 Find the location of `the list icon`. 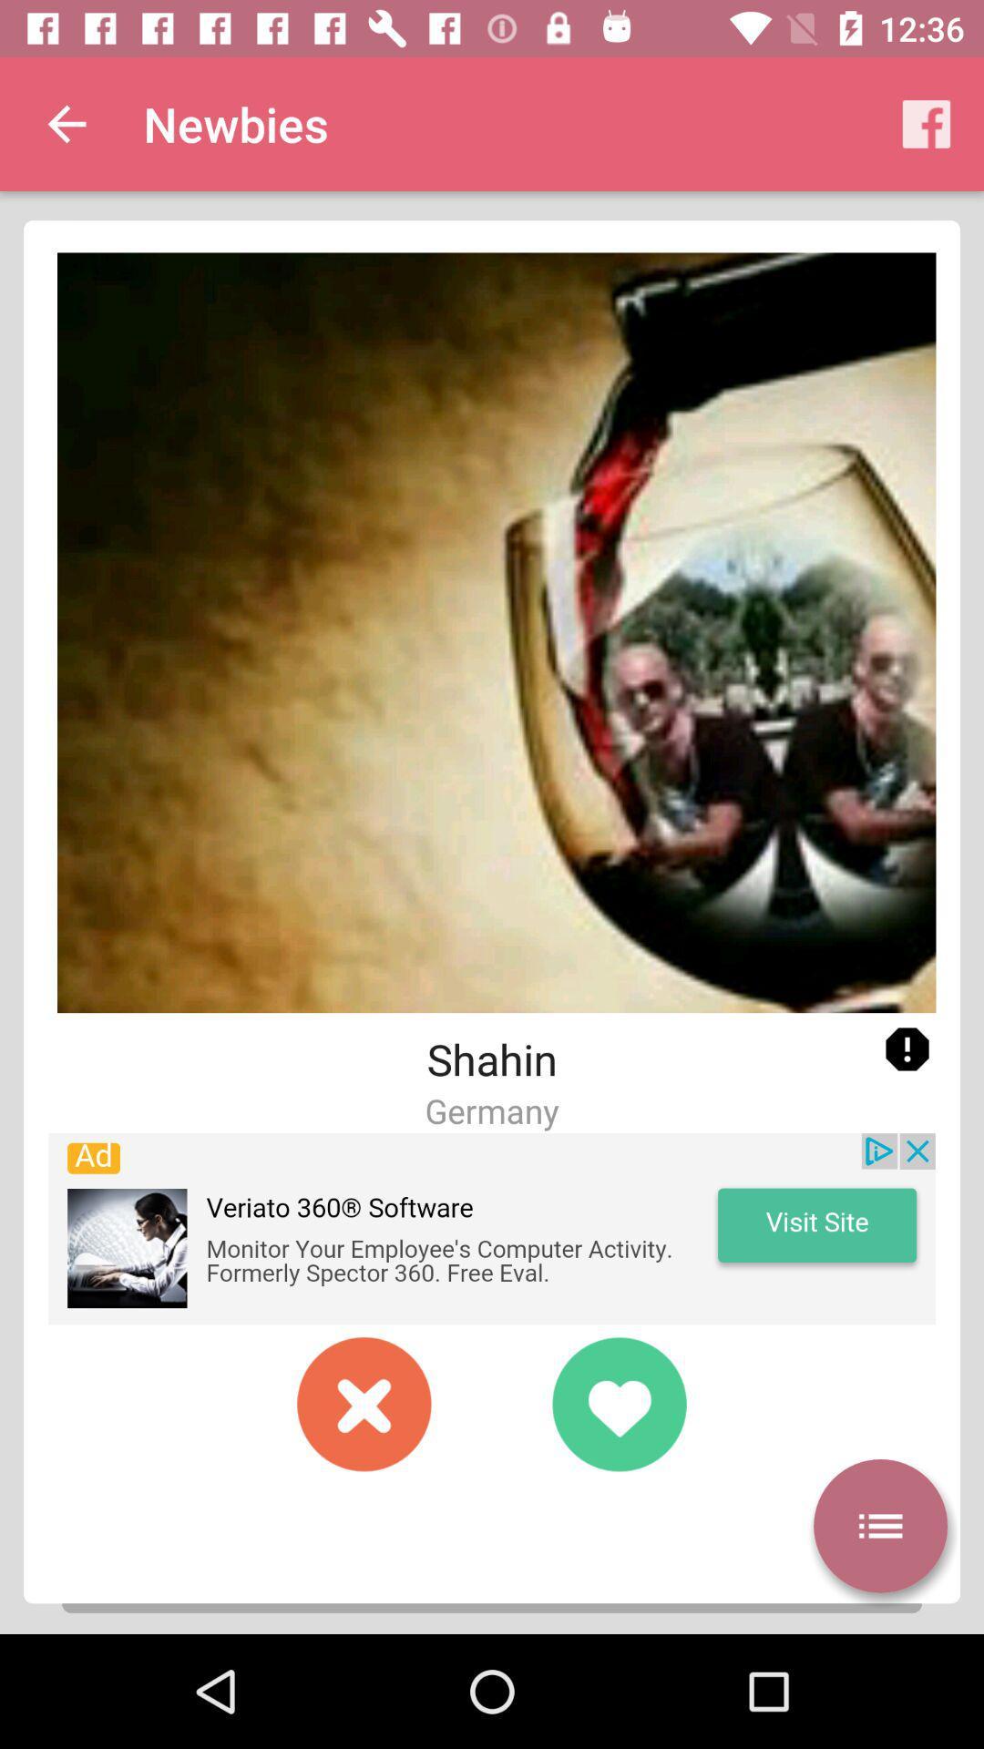

the list icon is located at coordinates (879, 1526).